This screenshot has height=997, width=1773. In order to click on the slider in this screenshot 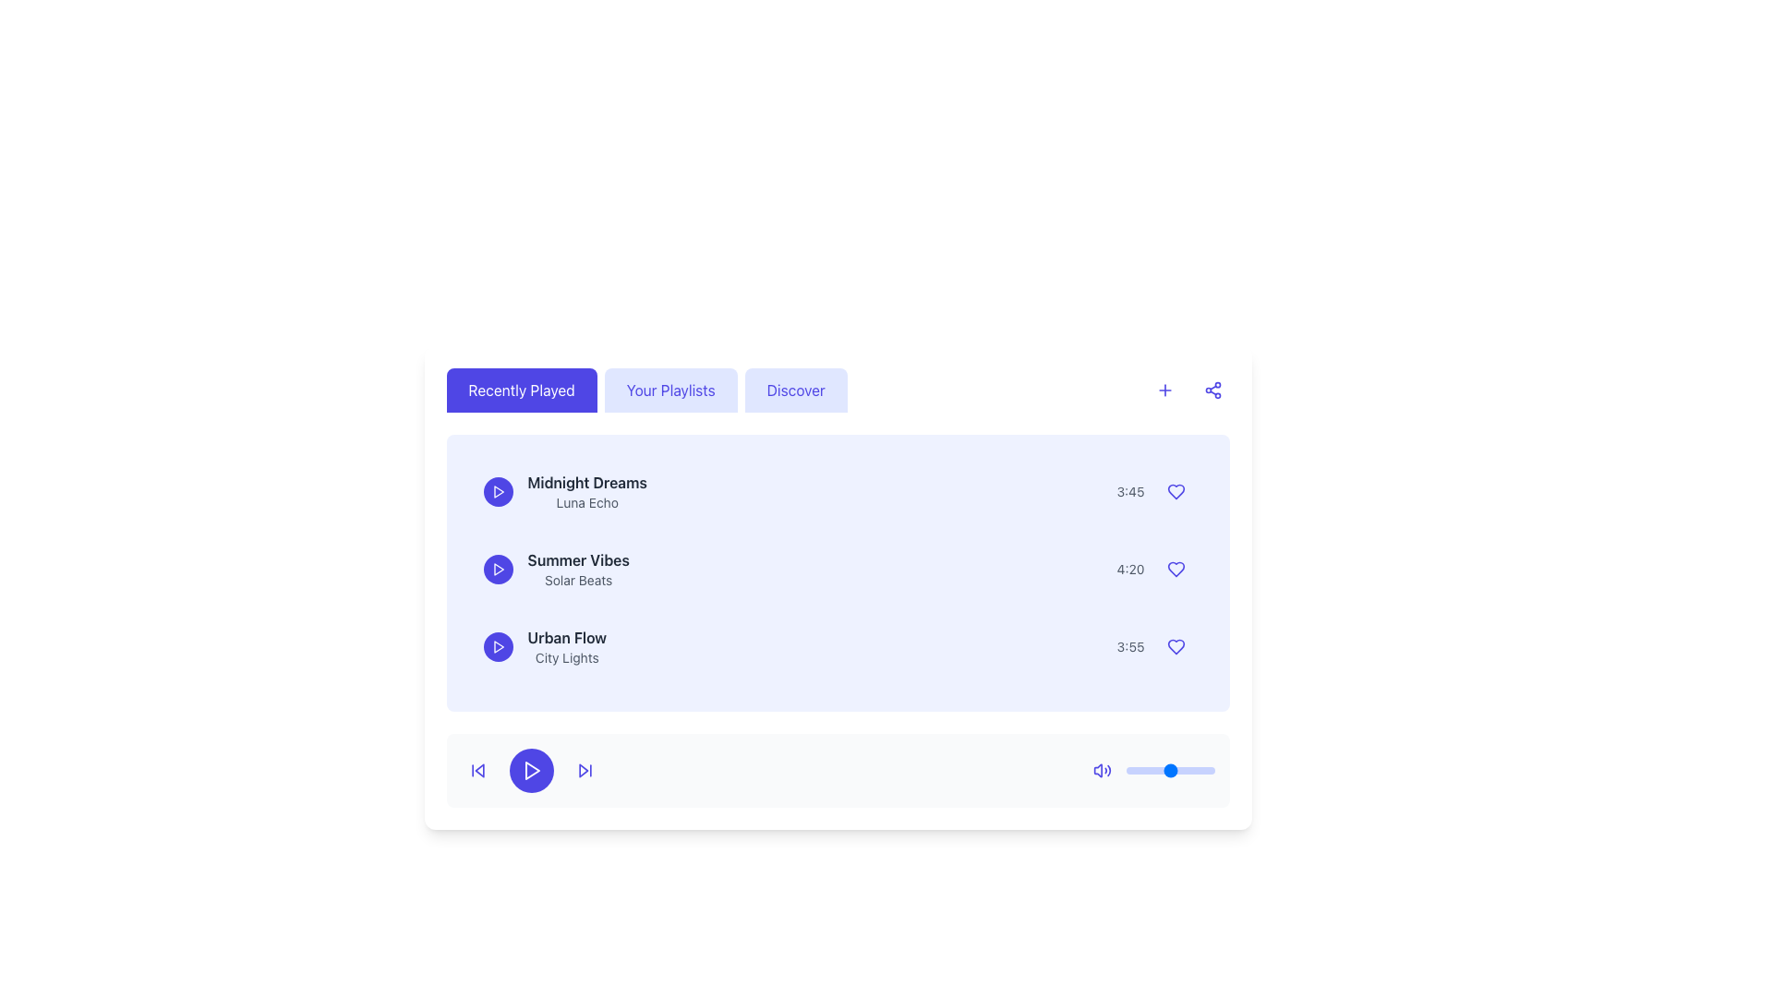, I will do `click(1190, 770)`.